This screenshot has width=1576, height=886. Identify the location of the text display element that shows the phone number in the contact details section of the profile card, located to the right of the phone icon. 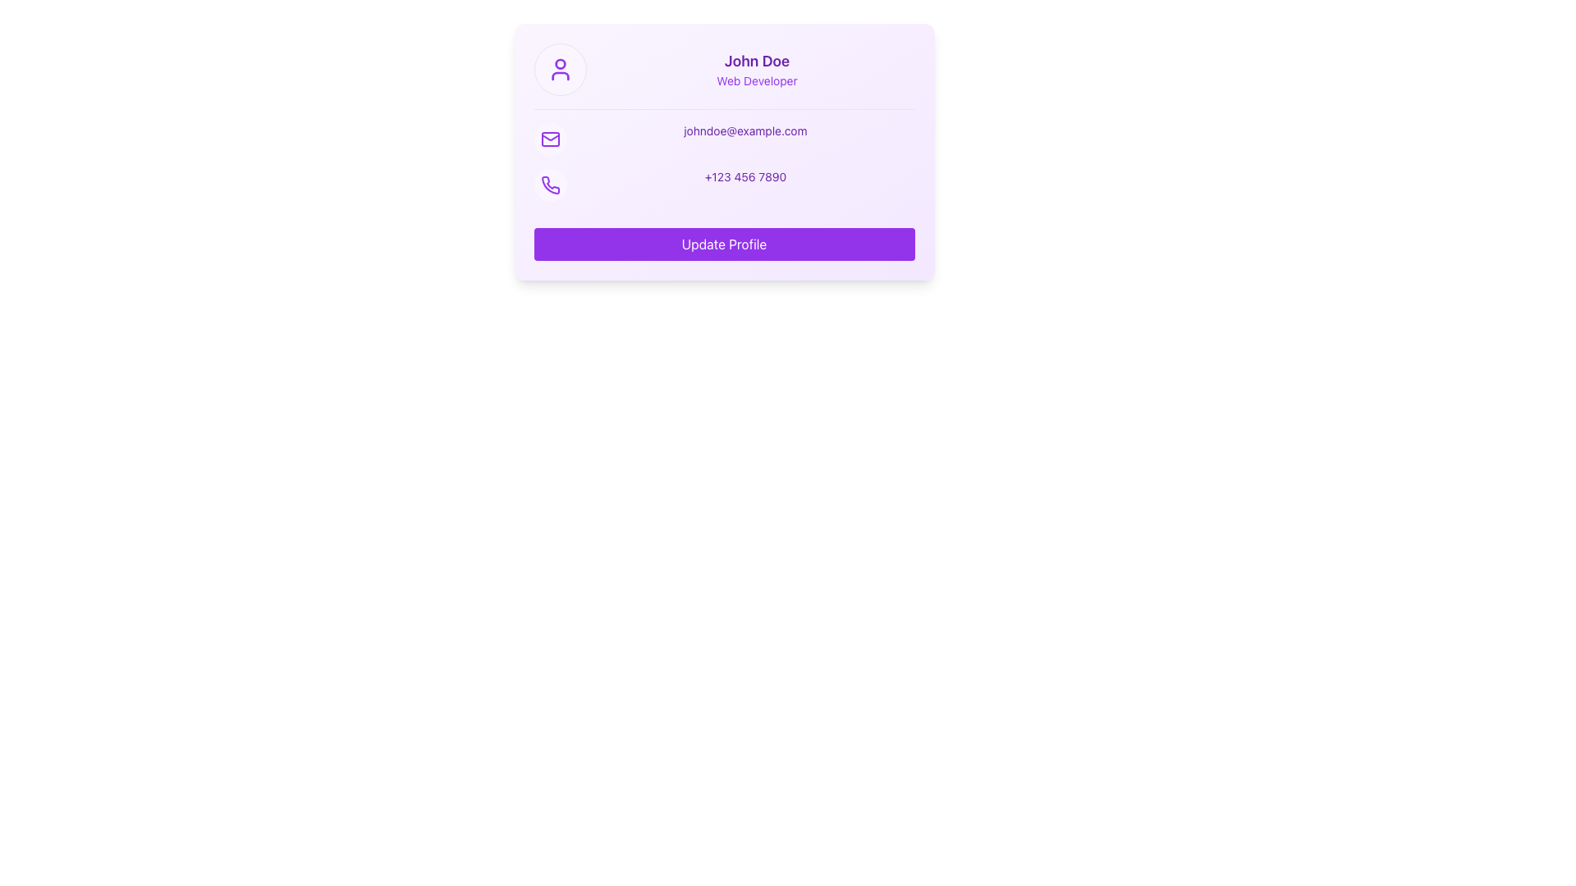
(744, 177).